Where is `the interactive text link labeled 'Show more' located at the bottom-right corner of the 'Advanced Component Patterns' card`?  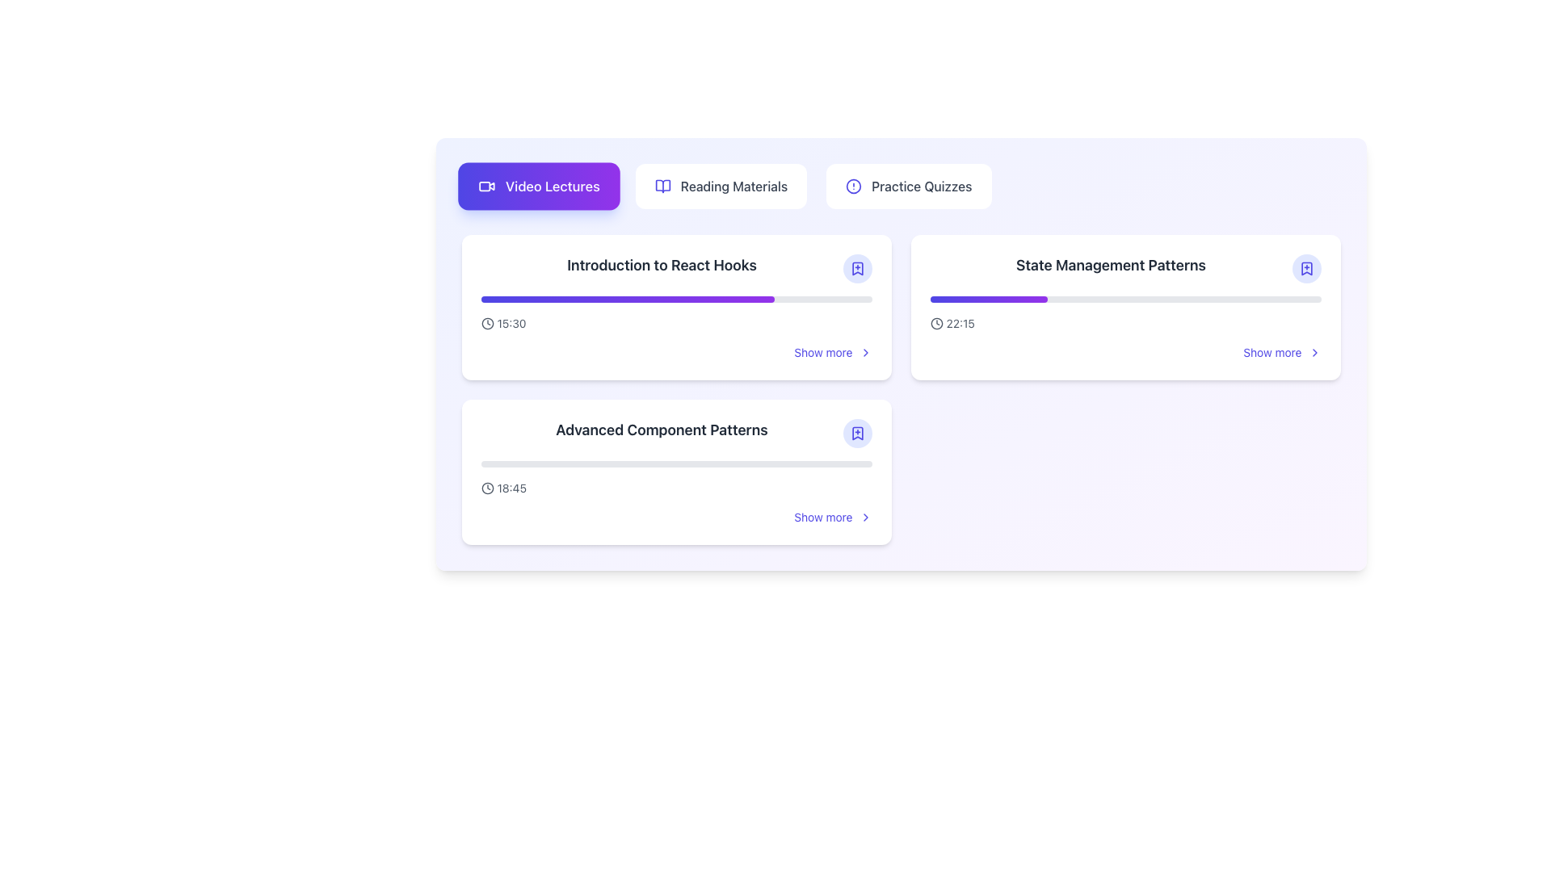 the interactive text link labeled 'Show more' located at the bottom-right corner of the 'Advanced Component Patterns' card is located at coordinates (823, 517).